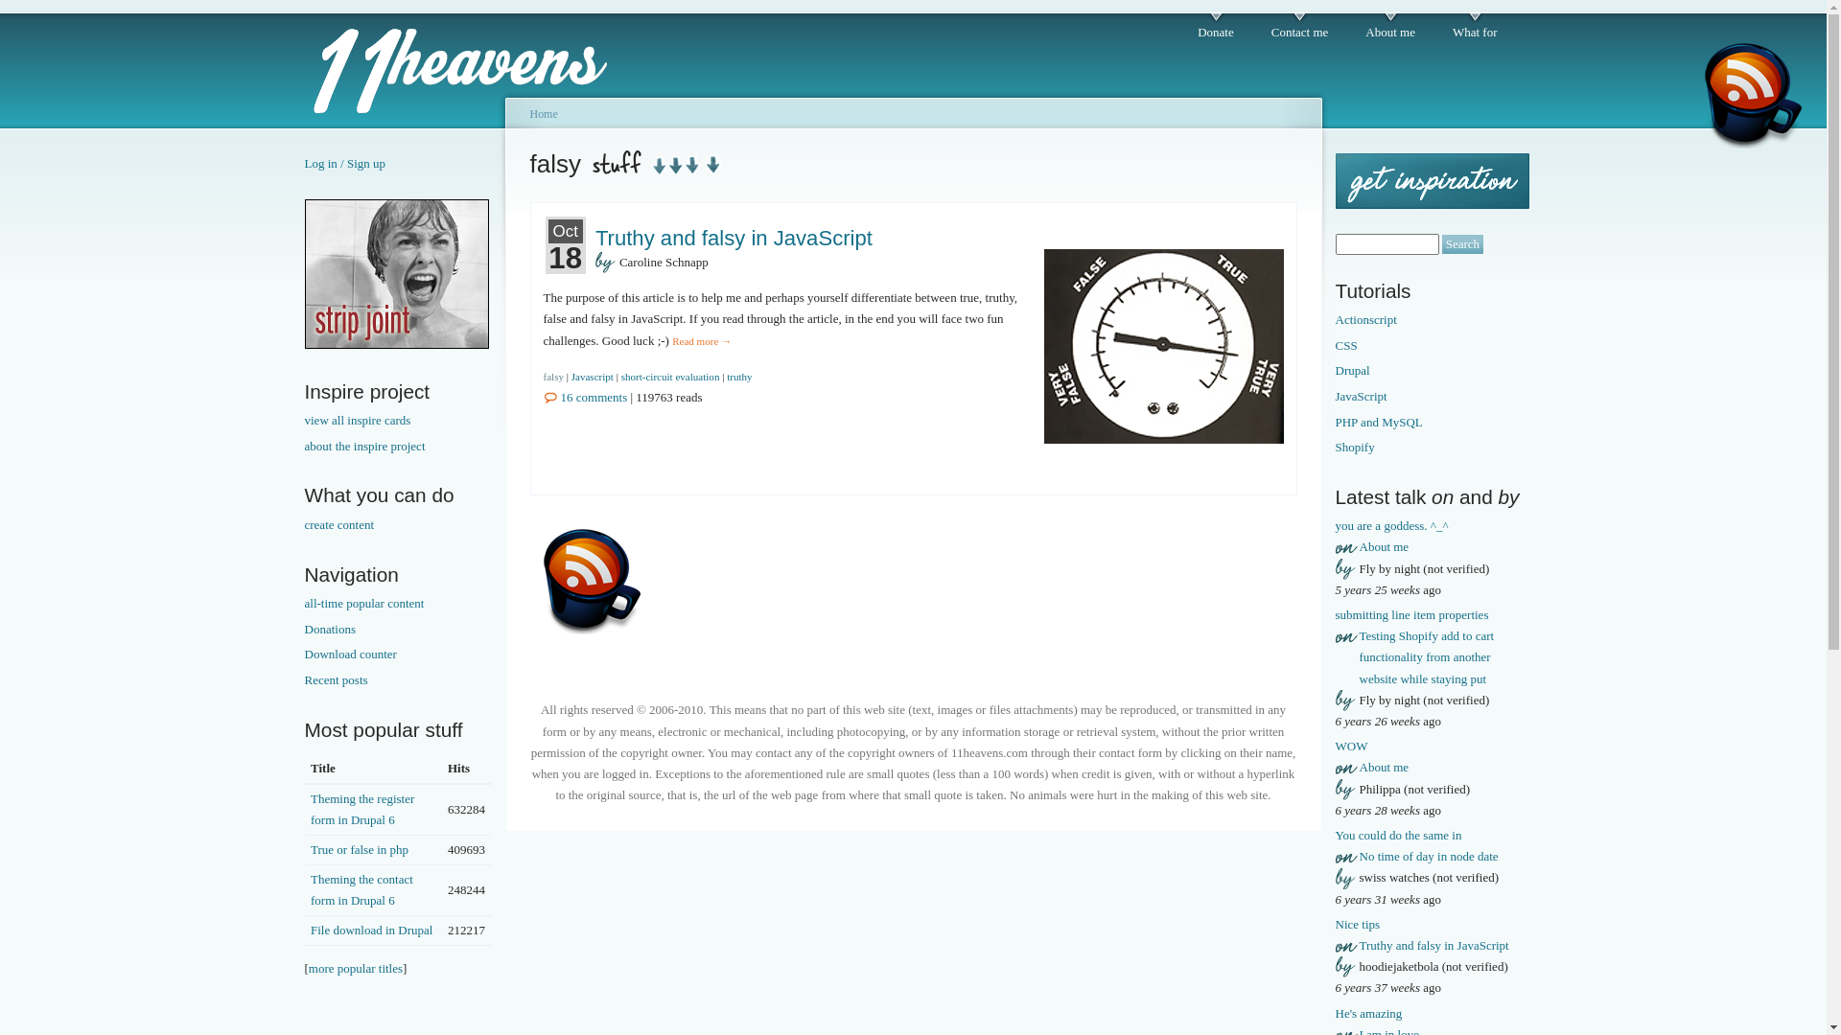  What do you see at coordinates (397, 629) in the screenshot?
I see `'Donations'` at bounding box center [397, 629].